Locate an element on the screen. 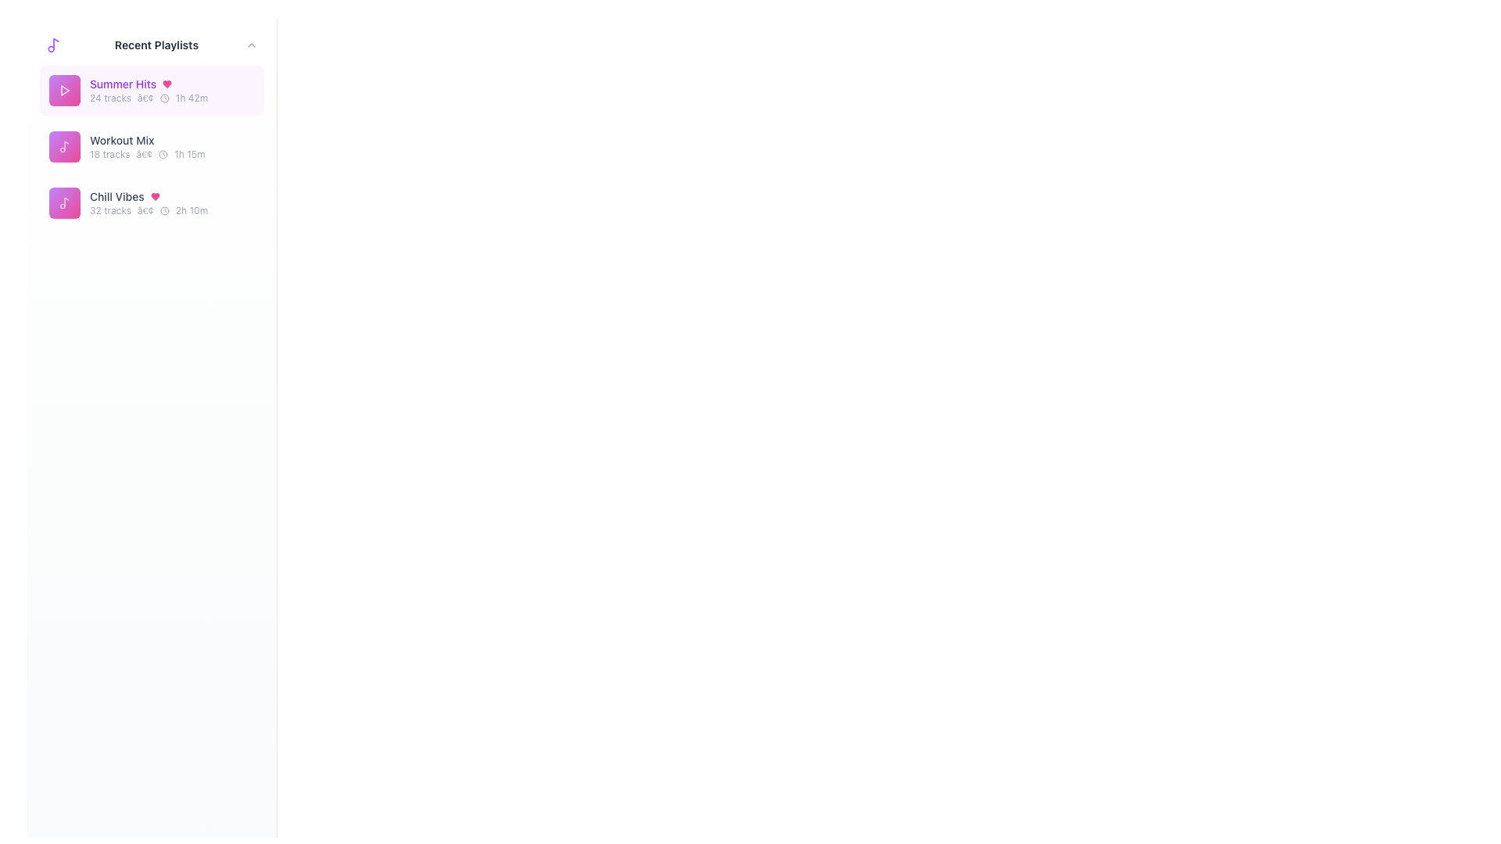 The image size is (1501, 844). properties of the duration text label displaying '1h 15m', which is styled in gray and located within the 'Workout Mix' playlist entry, to the right of the clock icon is located at coordinates (189, 154).